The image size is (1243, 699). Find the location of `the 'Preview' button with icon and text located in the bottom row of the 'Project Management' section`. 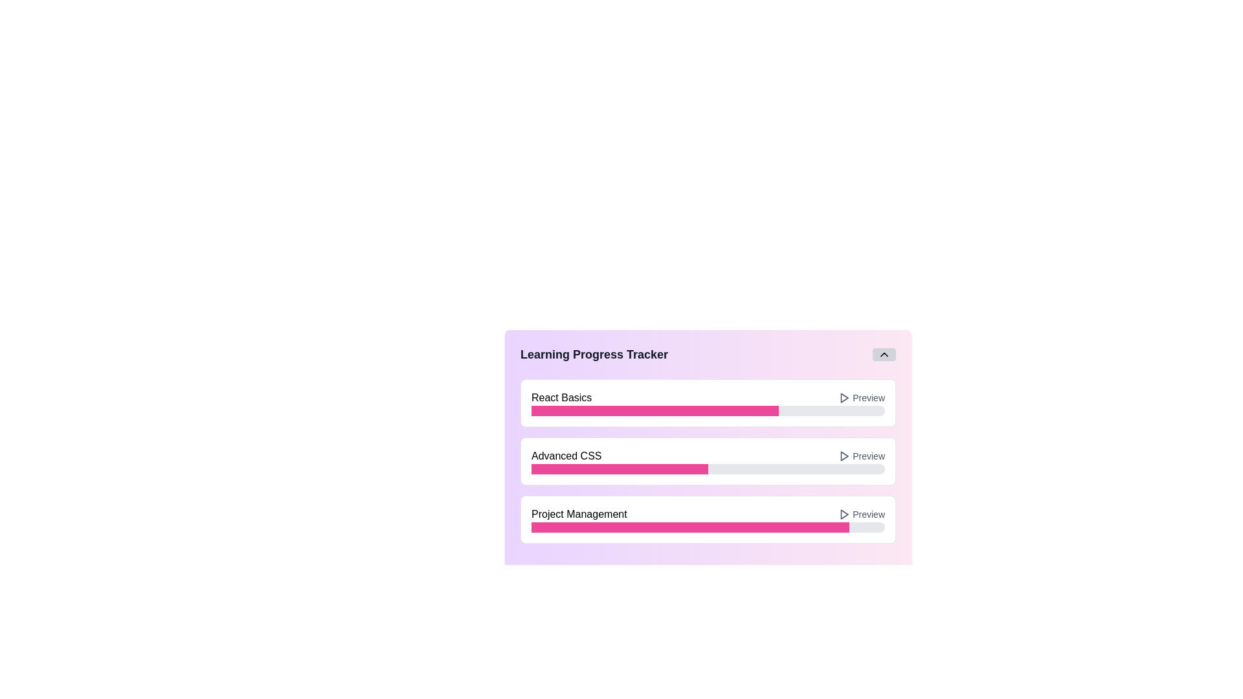

the 'Preview' button with icon and text located in the bottom row of the 'Project Management' section is located at coordinates (862, 513).